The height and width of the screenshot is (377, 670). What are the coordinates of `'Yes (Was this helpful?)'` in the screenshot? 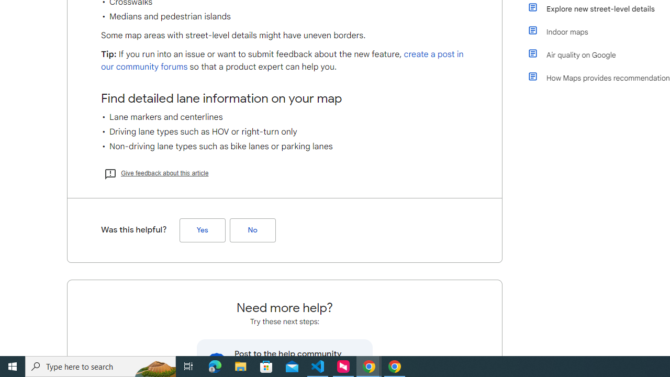 It's located at (202, 229).